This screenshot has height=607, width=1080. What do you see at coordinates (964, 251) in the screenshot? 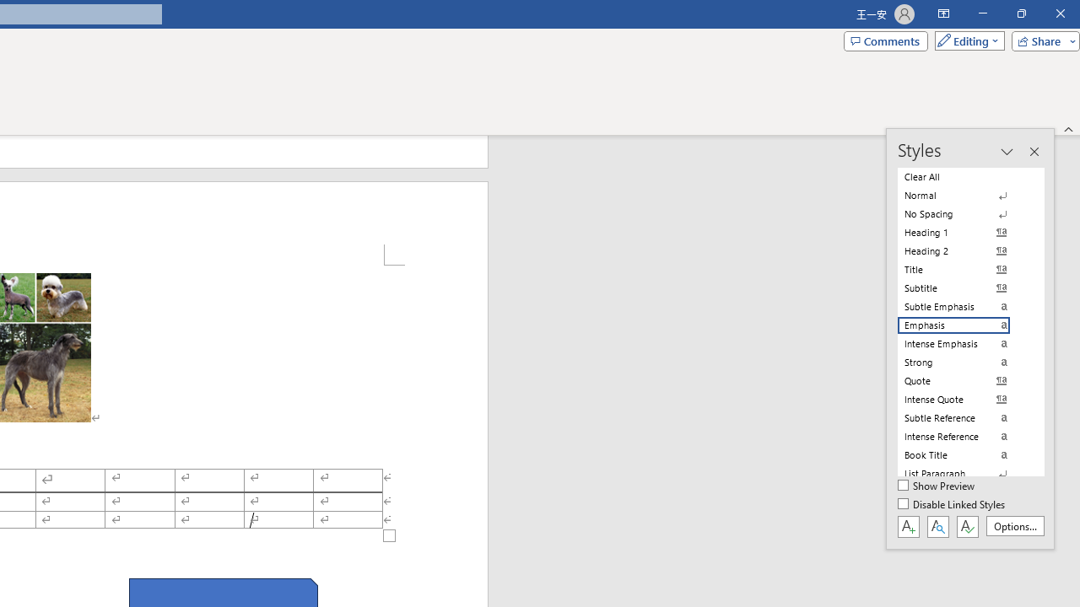
I see `'Heading 2'` at bounding box center [964, 251].